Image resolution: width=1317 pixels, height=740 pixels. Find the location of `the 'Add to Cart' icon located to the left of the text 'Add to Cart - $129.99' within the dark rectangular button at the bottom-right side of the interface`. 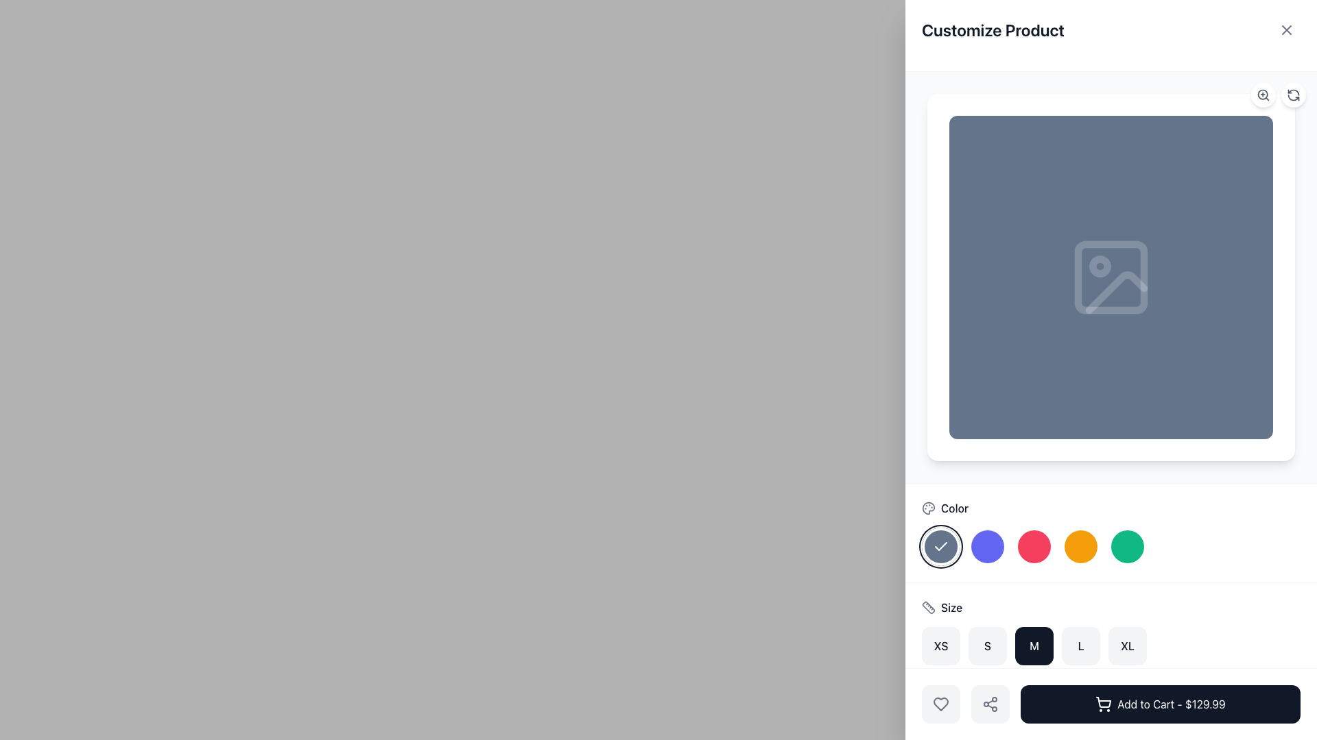

the 'Add to Cart' icon located to the left of the text 'Add to Cart - $129.99' within the dark rectangular button at the bottom-right side of the interface is located at coordinates (1104, 704).